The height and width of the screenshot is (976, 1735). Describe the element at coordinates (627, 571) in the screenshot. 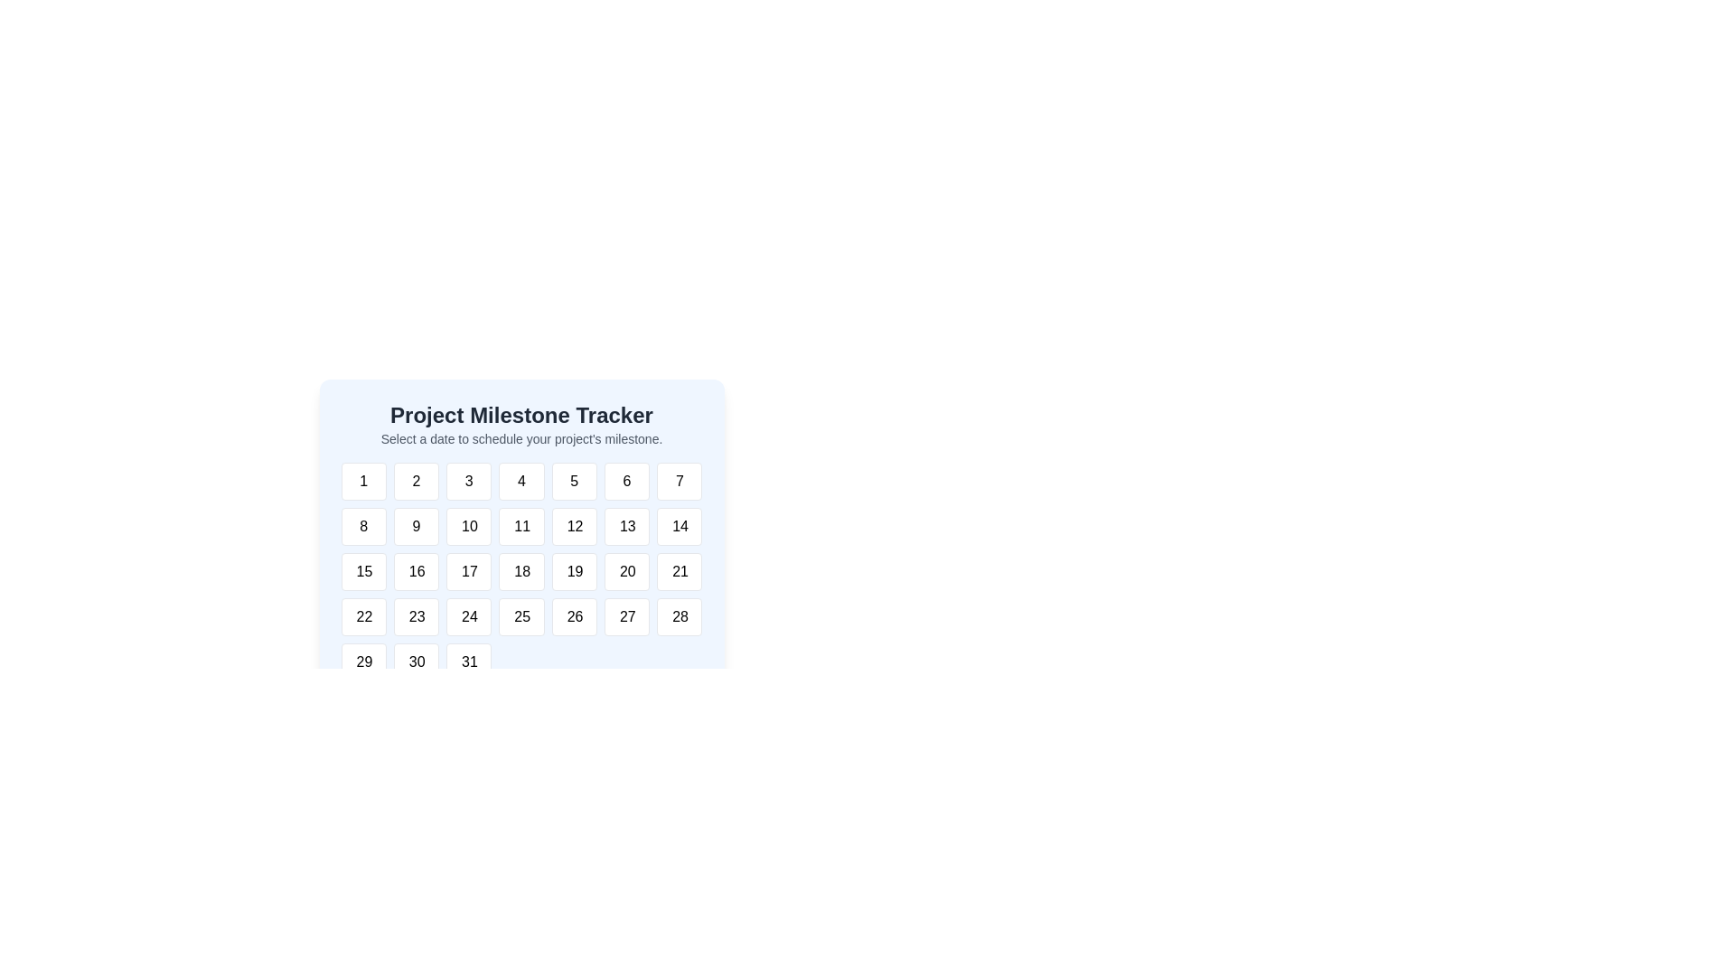

I see `the button displaying '20' located under the 'Project Milestone Tracker' label, which is the sixth element` at that location.